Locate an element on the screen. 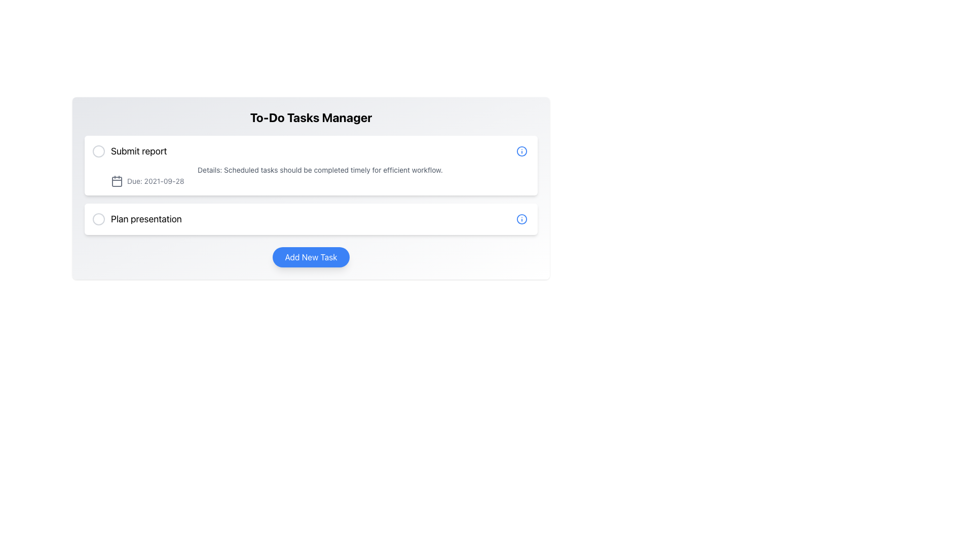 This screenshot has height=547, width=973. the calendar icon located to the left of the text 'Due: 2021-09-28' in the first task of the 'To-Do Tasks Manager' interface is located at coordinates (117, 181).